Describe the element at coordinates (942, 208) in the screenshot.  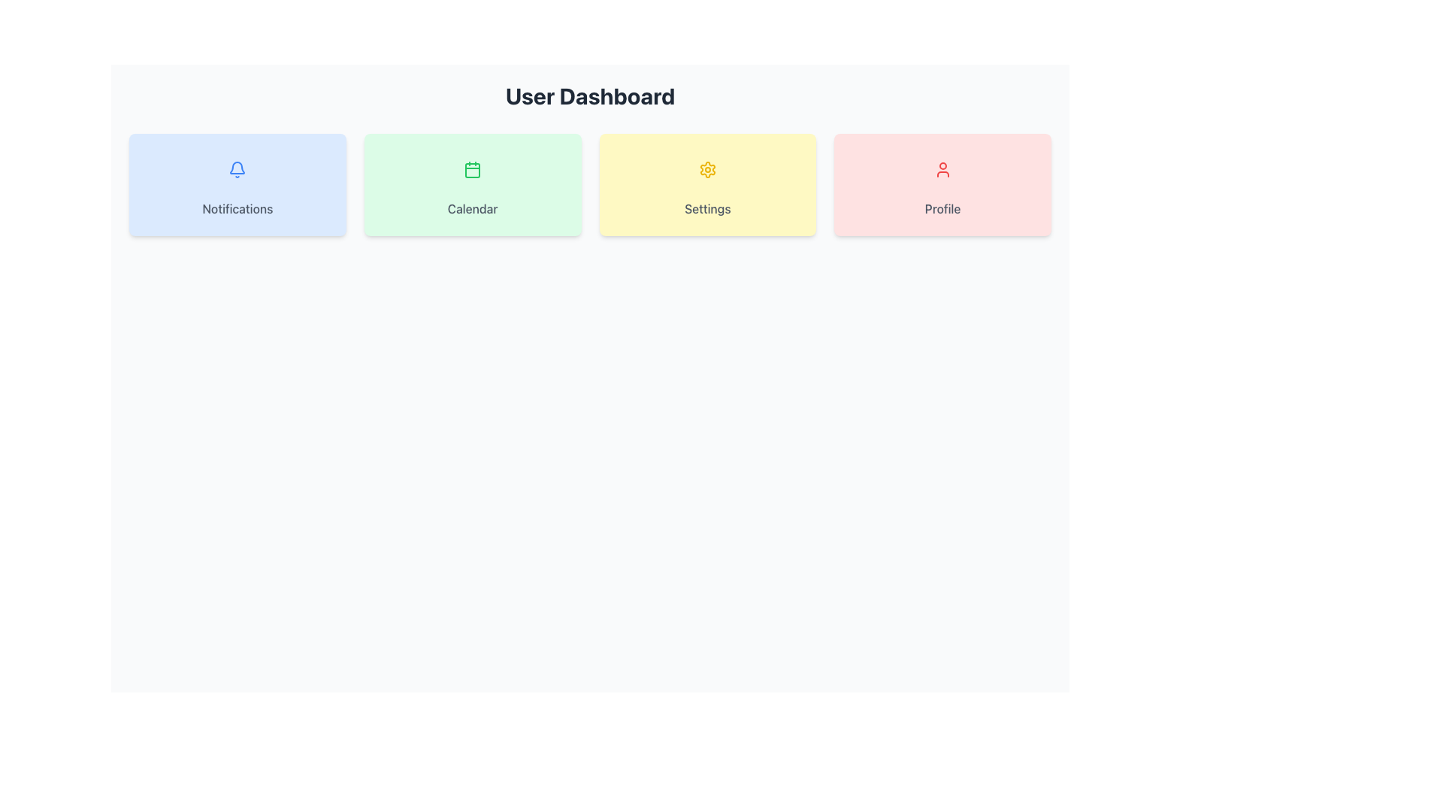
I see `the 'Profile' text label, which is styled with a gray font and medium weight, located in the last card on the right in a dashboard interface` at that location.